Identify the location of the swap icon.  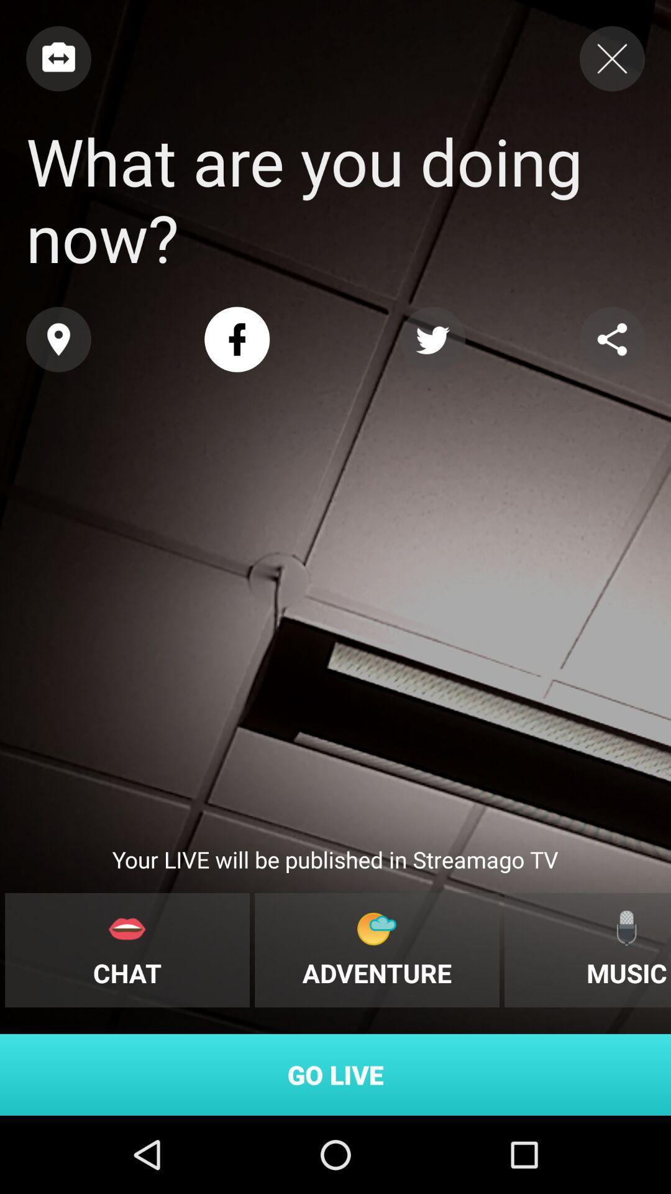
(58, 58).